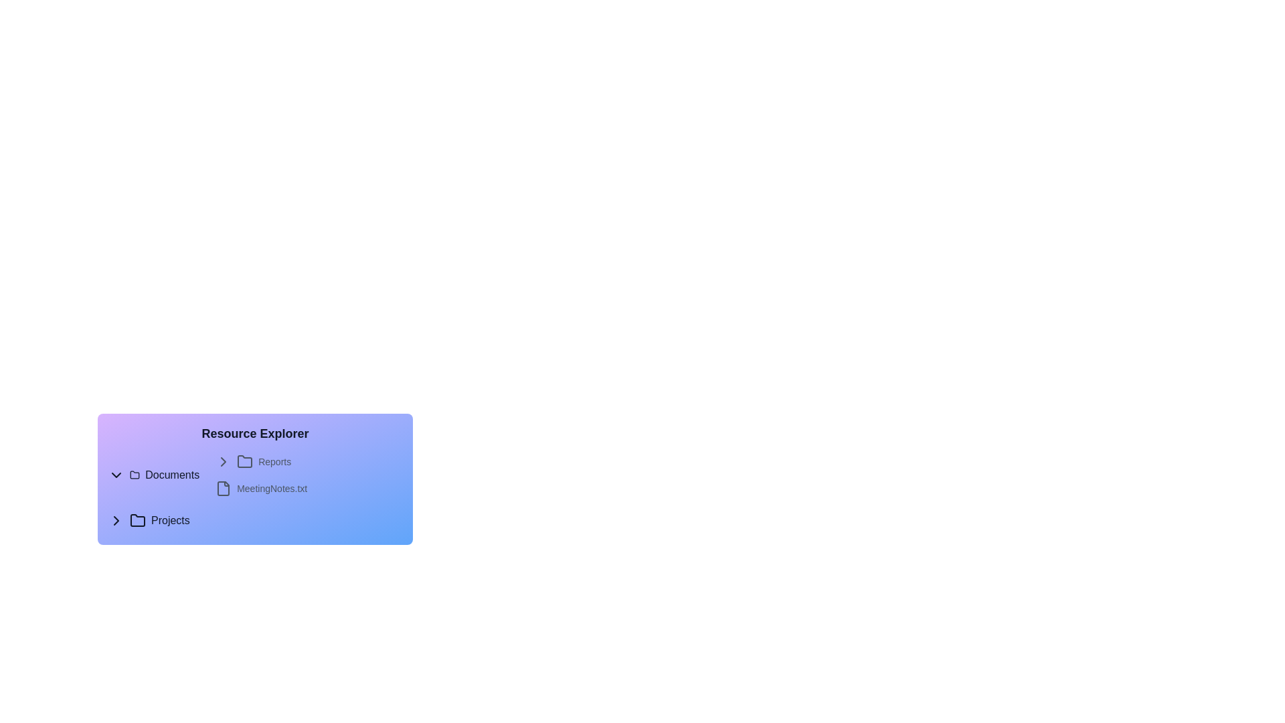 Image resolution: width=1285 pixels, height=723 pixels. I want to click on the file icon representing 'MeetingNotes.txt' located at the beginning of the line in the Resource Explorer interface, so click(224, 488).